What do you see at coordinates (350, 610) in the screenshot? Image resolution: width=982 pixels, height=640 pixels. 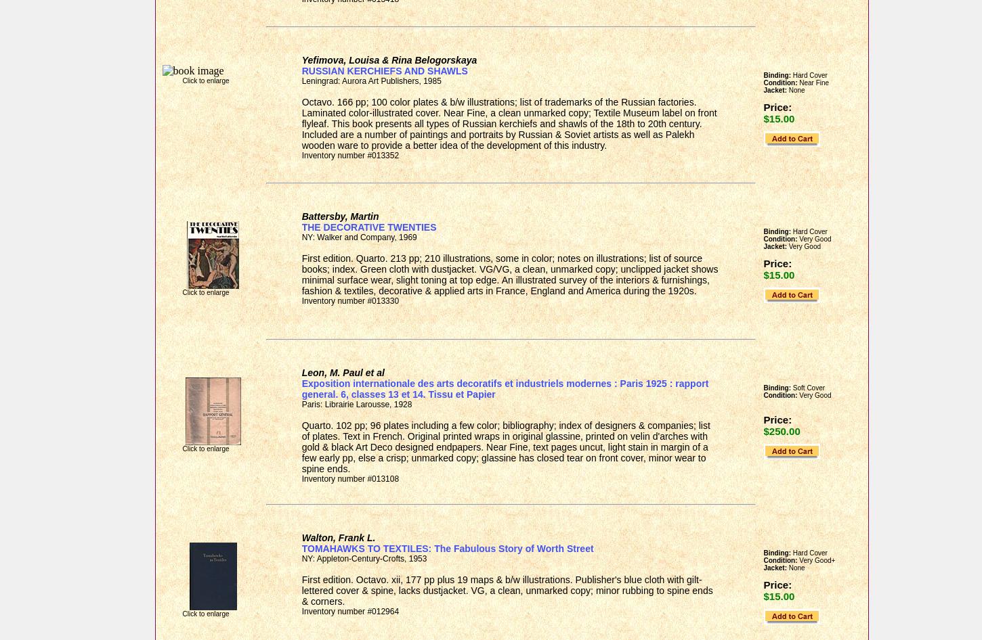 I see `'Inventory number #012964'` at bounding box center [350, 610].